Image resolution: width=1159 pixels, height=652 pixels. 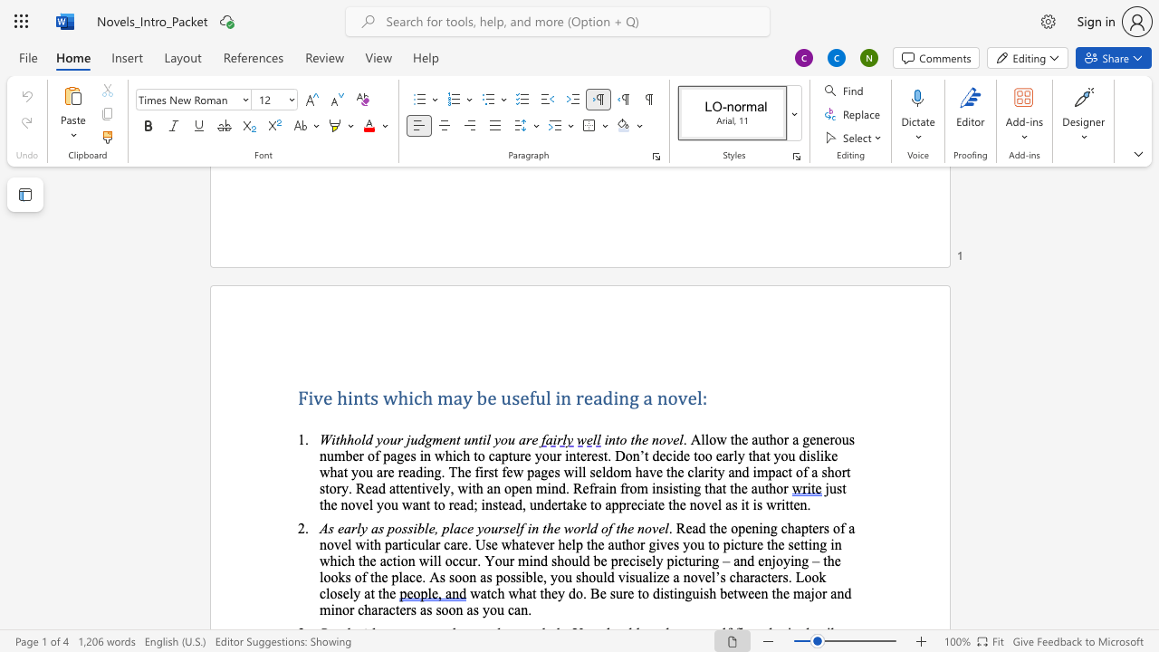 I want to click on the 5th character "e" in the text, so click(x=691, y=397).